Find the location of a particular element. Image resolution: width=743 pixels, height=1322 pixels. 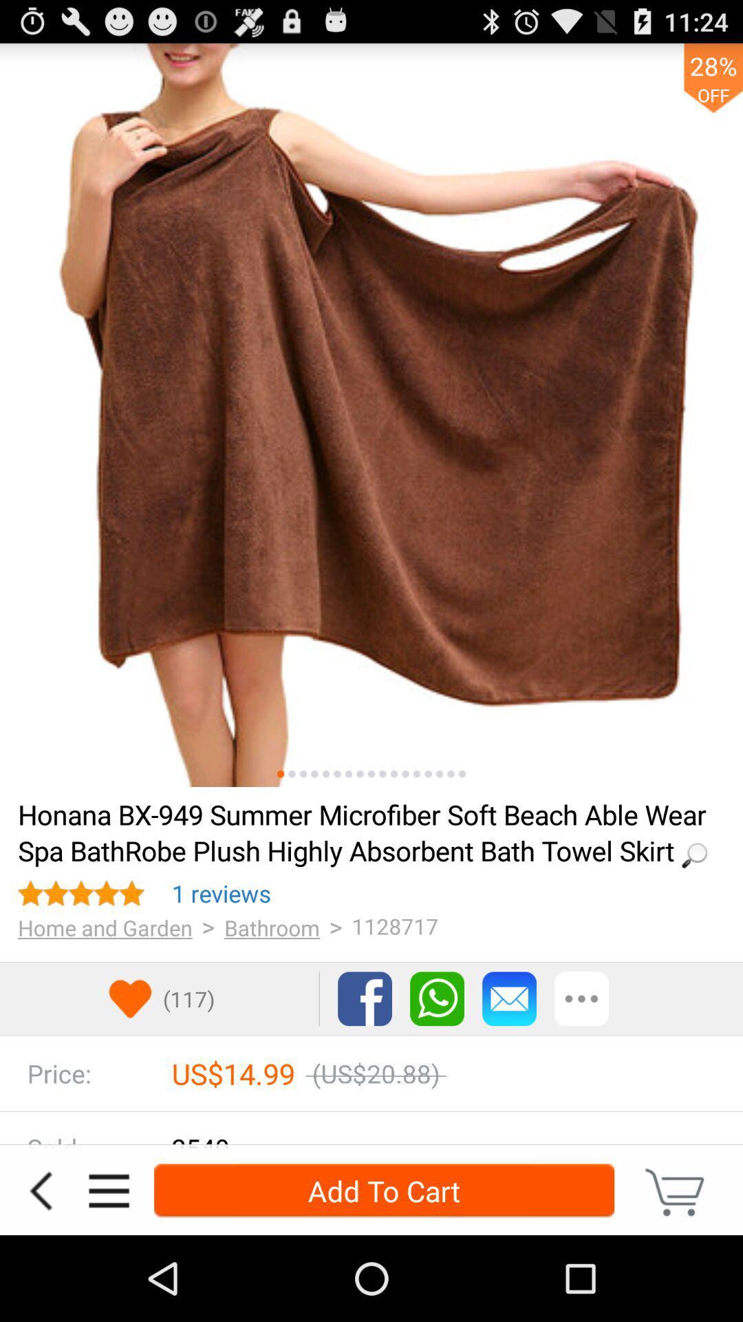

the icon to the left of the > is located at coordinates (221, 893).